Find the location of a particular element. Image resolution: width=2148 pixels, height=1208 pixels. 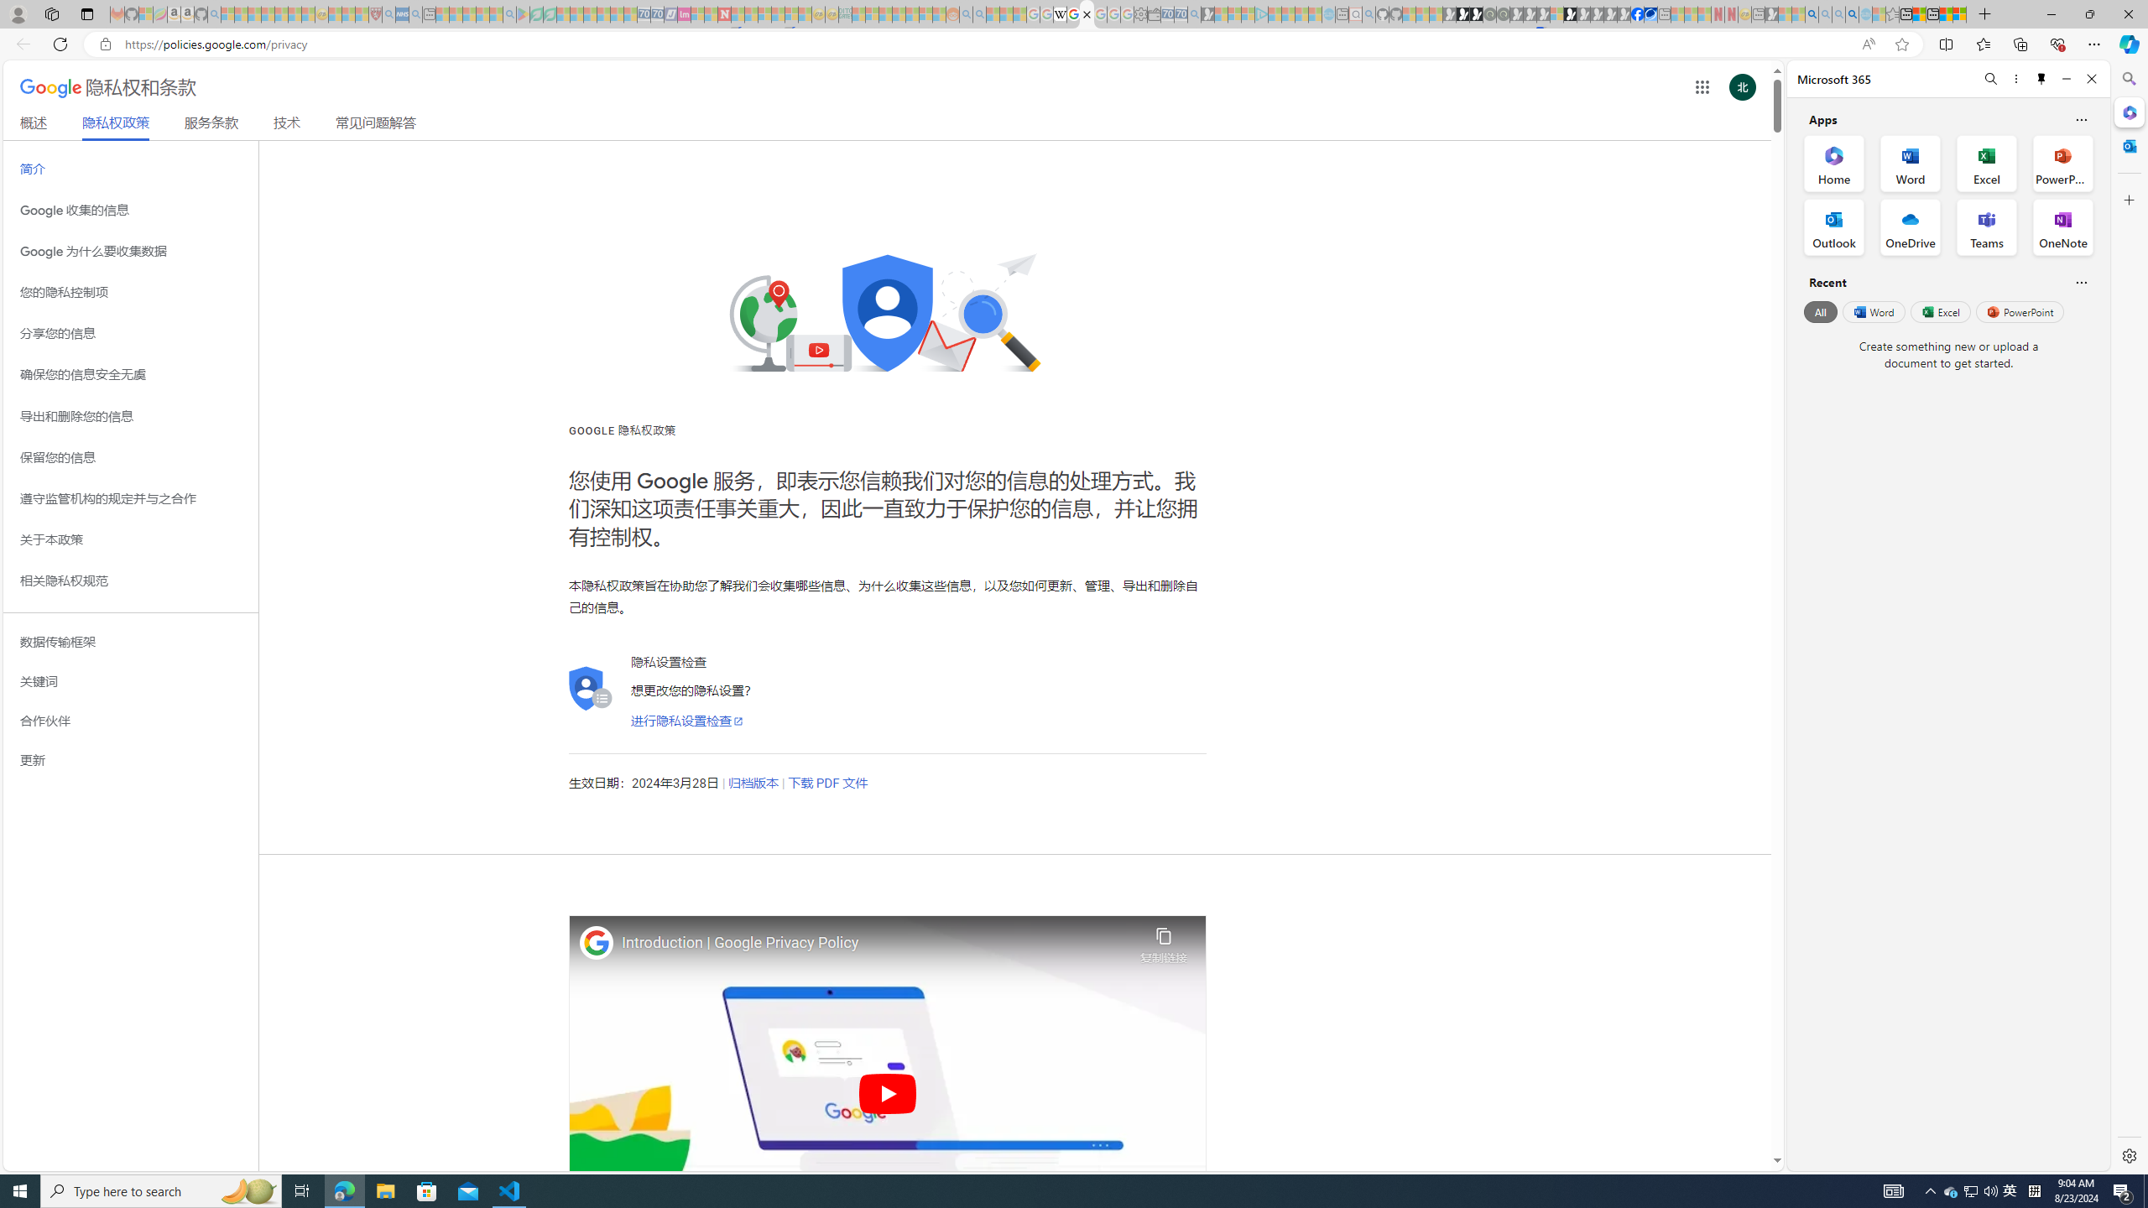

'Target page - Wikipedia' is located at coordinates (1060, 13).